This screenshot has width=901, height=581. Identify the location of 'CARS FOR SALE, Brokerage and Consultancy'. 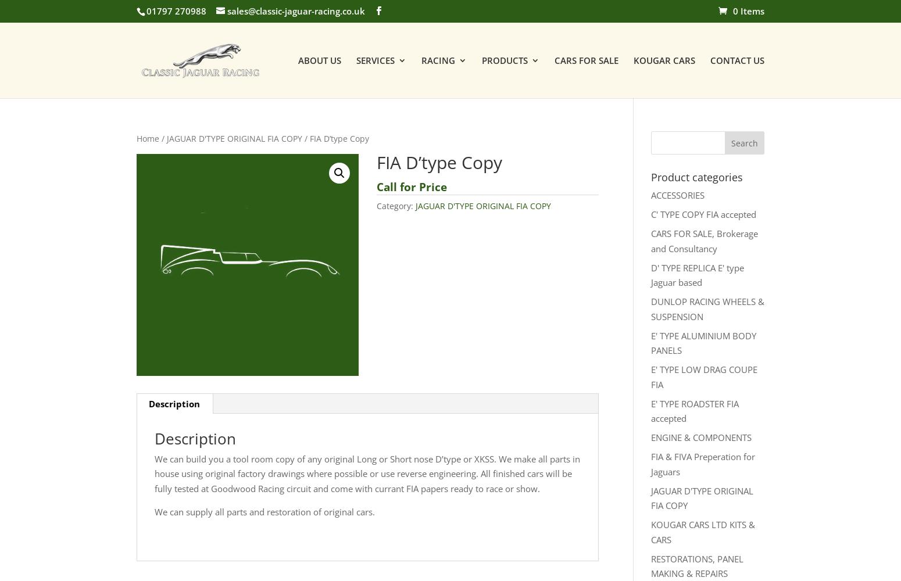
(704, 241).